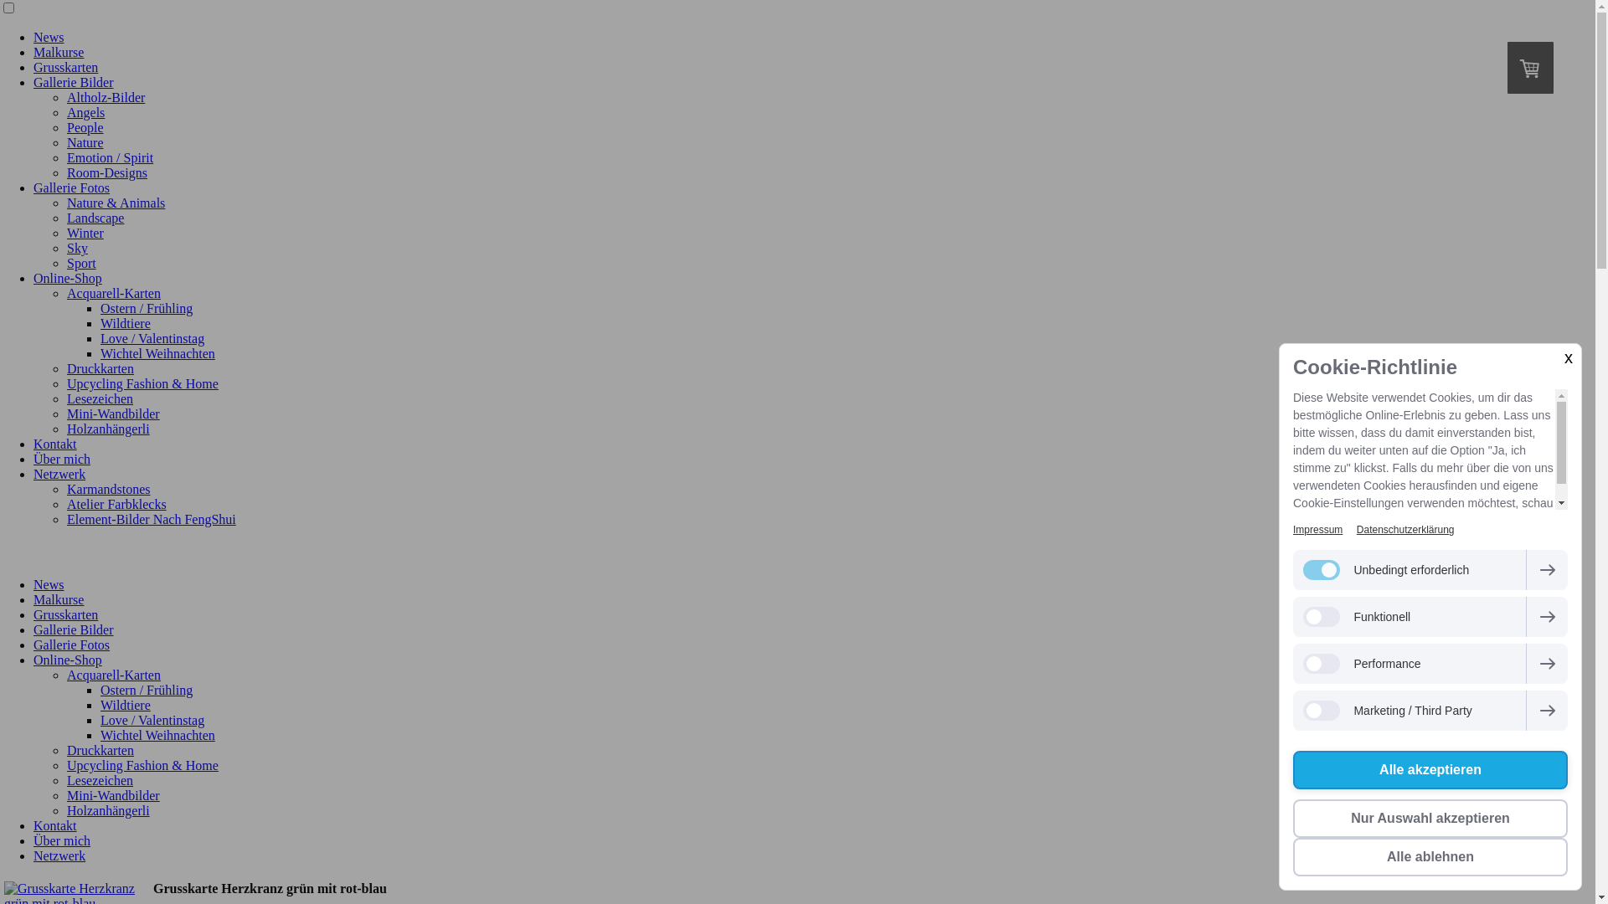  Describe the element at coordinates (59, 855) in the screenshot. I see `'Netzwerk'` at that location.